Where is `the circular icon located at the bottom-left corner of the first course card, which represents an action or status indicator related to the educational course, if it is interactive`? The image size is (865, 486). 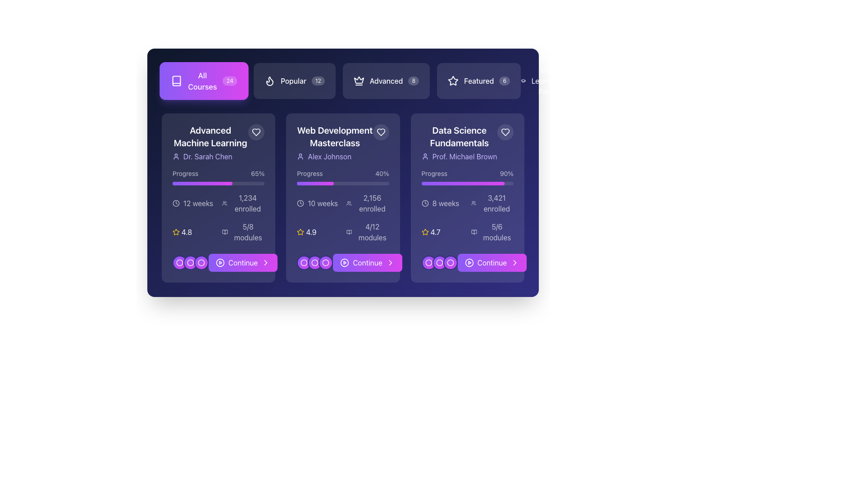 the circular icon located at the bottom-left corner of the first course card, which represents an action or status indicator related to the educational course, if it is interactive is located at coordinates (190, 262).